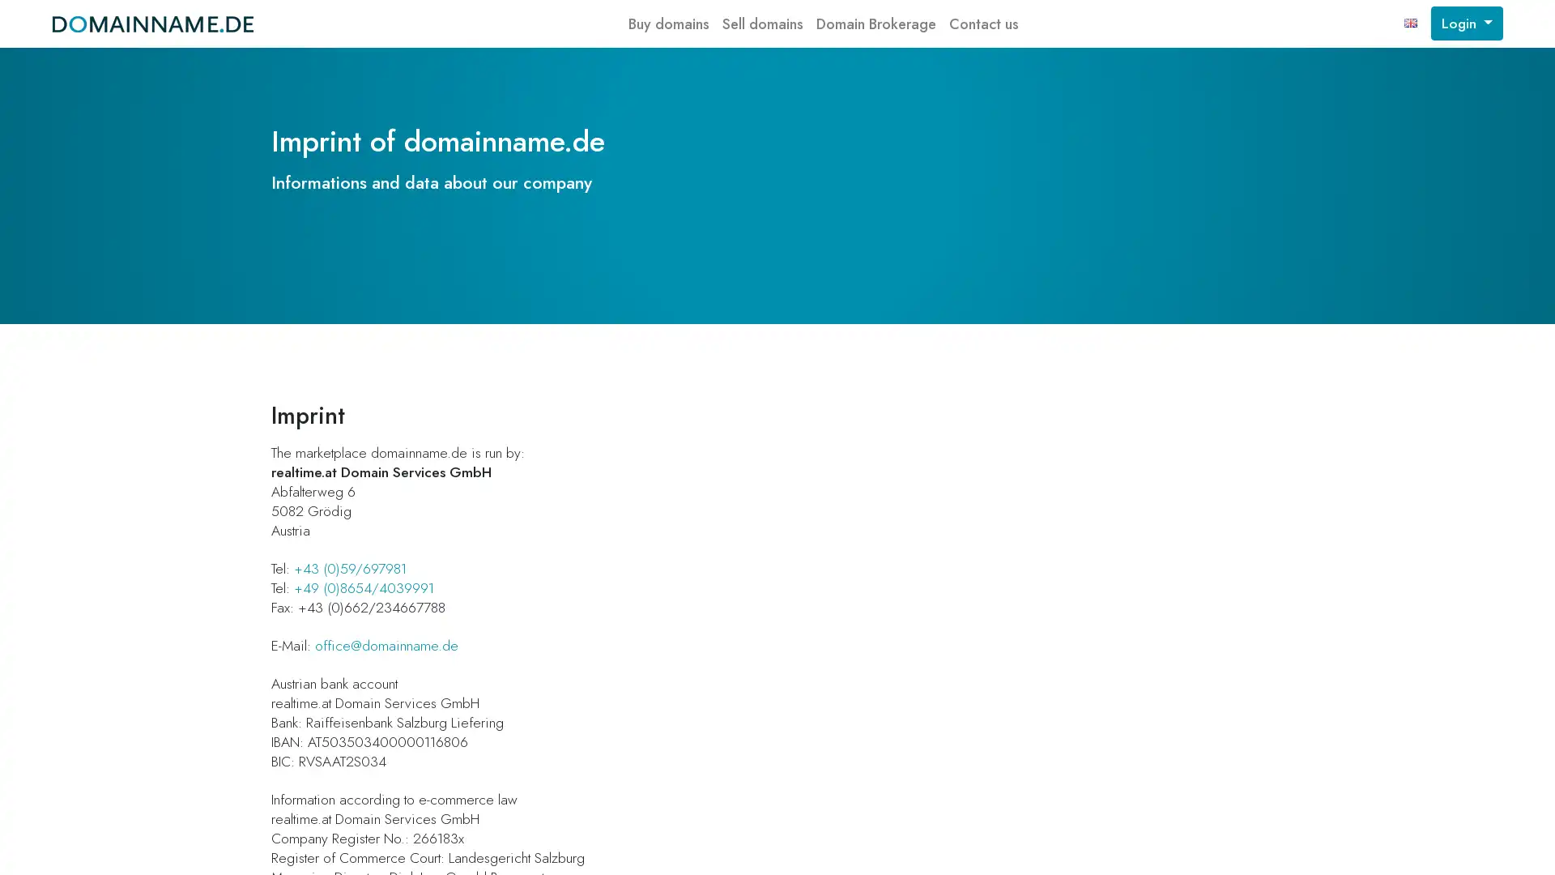  Describe the element at coordinates (1410, 23) in the screenshot. I see `english` at that location.